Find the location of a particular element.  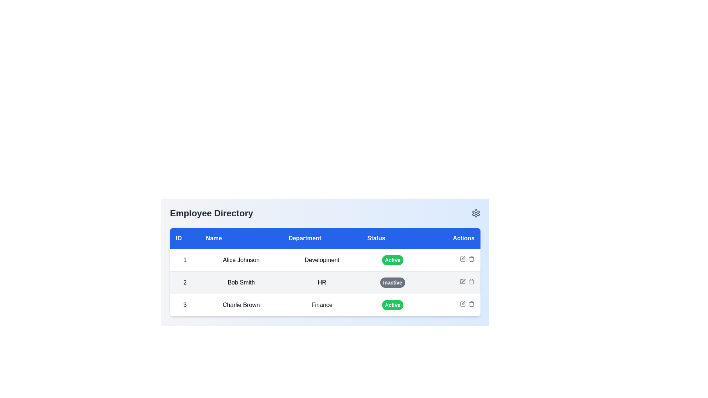

the 'Finance' department text label in row 3 of the employee table, associated with 'Charlie Brown' is located at coordinates (322, 305).